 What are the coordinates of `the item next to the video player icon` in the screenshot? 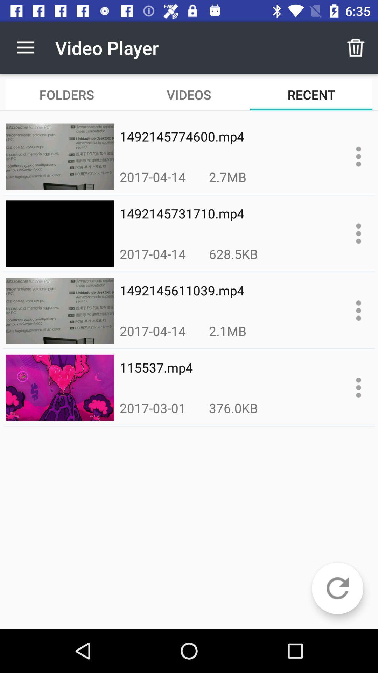 It's located at (356, 47).